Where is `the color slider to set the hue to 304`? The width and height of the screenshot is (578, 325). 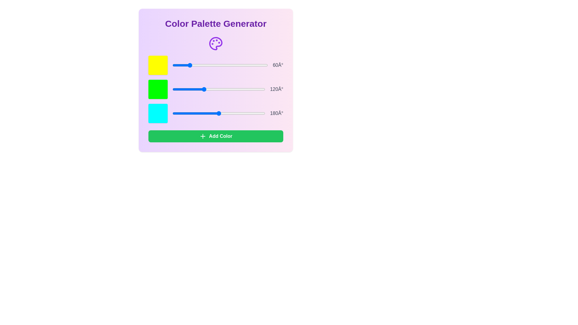
the color slider to set the hue to 304 is located at coordinates (253, 65).